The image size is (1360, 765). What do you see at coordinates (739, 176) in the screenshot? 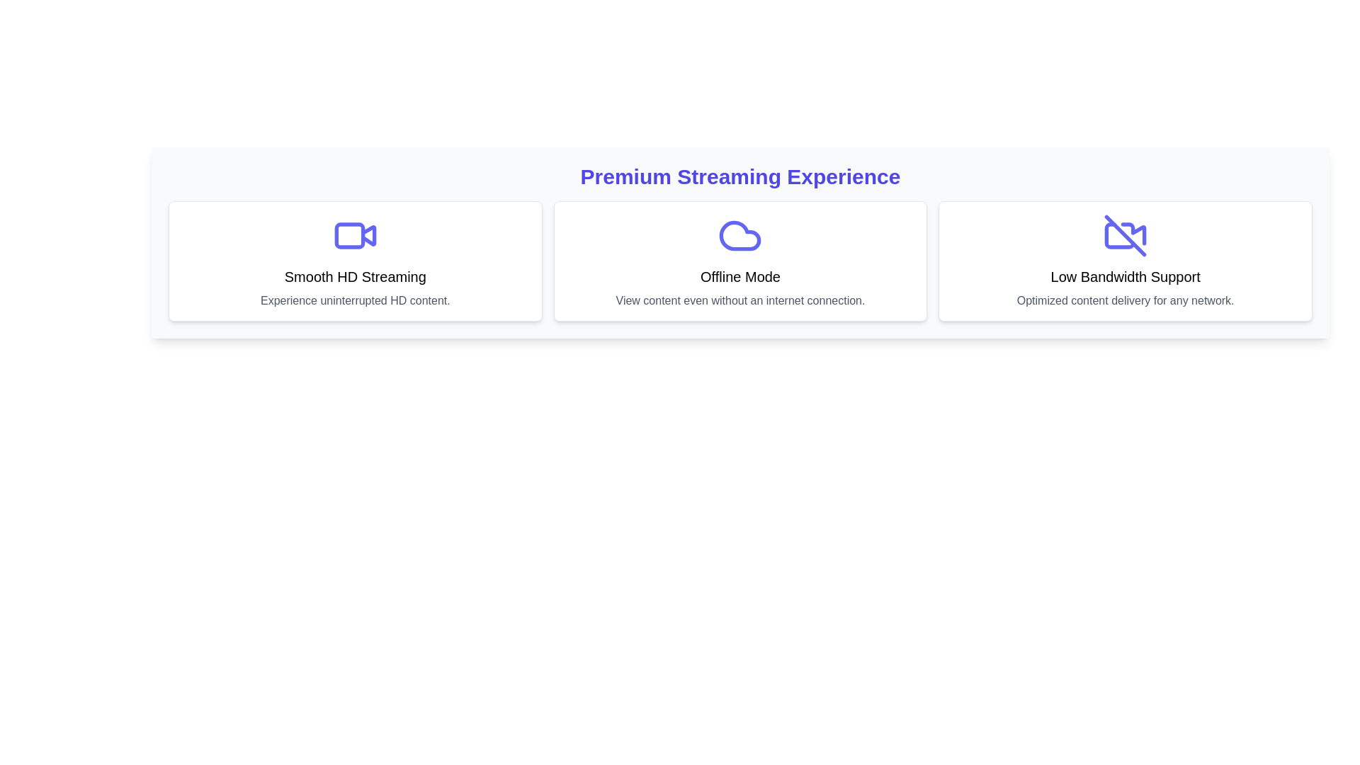
I see `the title text element that serves as the header for the content section, positioned above a list of feature cards` at bounding box center [739, 176].